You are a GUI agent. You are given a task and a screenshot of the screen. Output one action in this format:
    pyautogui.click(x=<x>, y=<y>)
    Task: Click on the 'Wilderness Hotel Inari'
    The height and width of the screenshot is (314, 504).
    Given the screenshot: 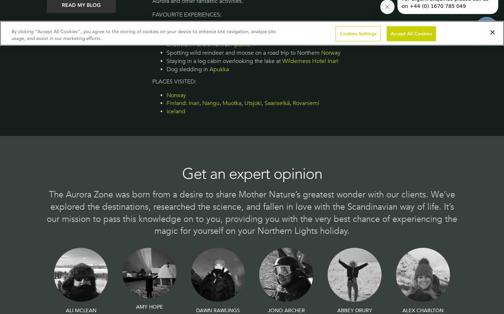 What is the action you would take?
    pyautogui.click(x=282, y=61)
    